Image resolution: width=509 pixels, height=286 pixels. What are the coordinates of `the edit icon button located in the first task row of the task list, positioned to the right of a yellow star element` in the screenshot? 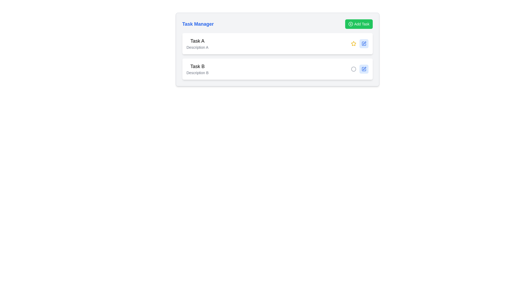 It's located at (363, 43).